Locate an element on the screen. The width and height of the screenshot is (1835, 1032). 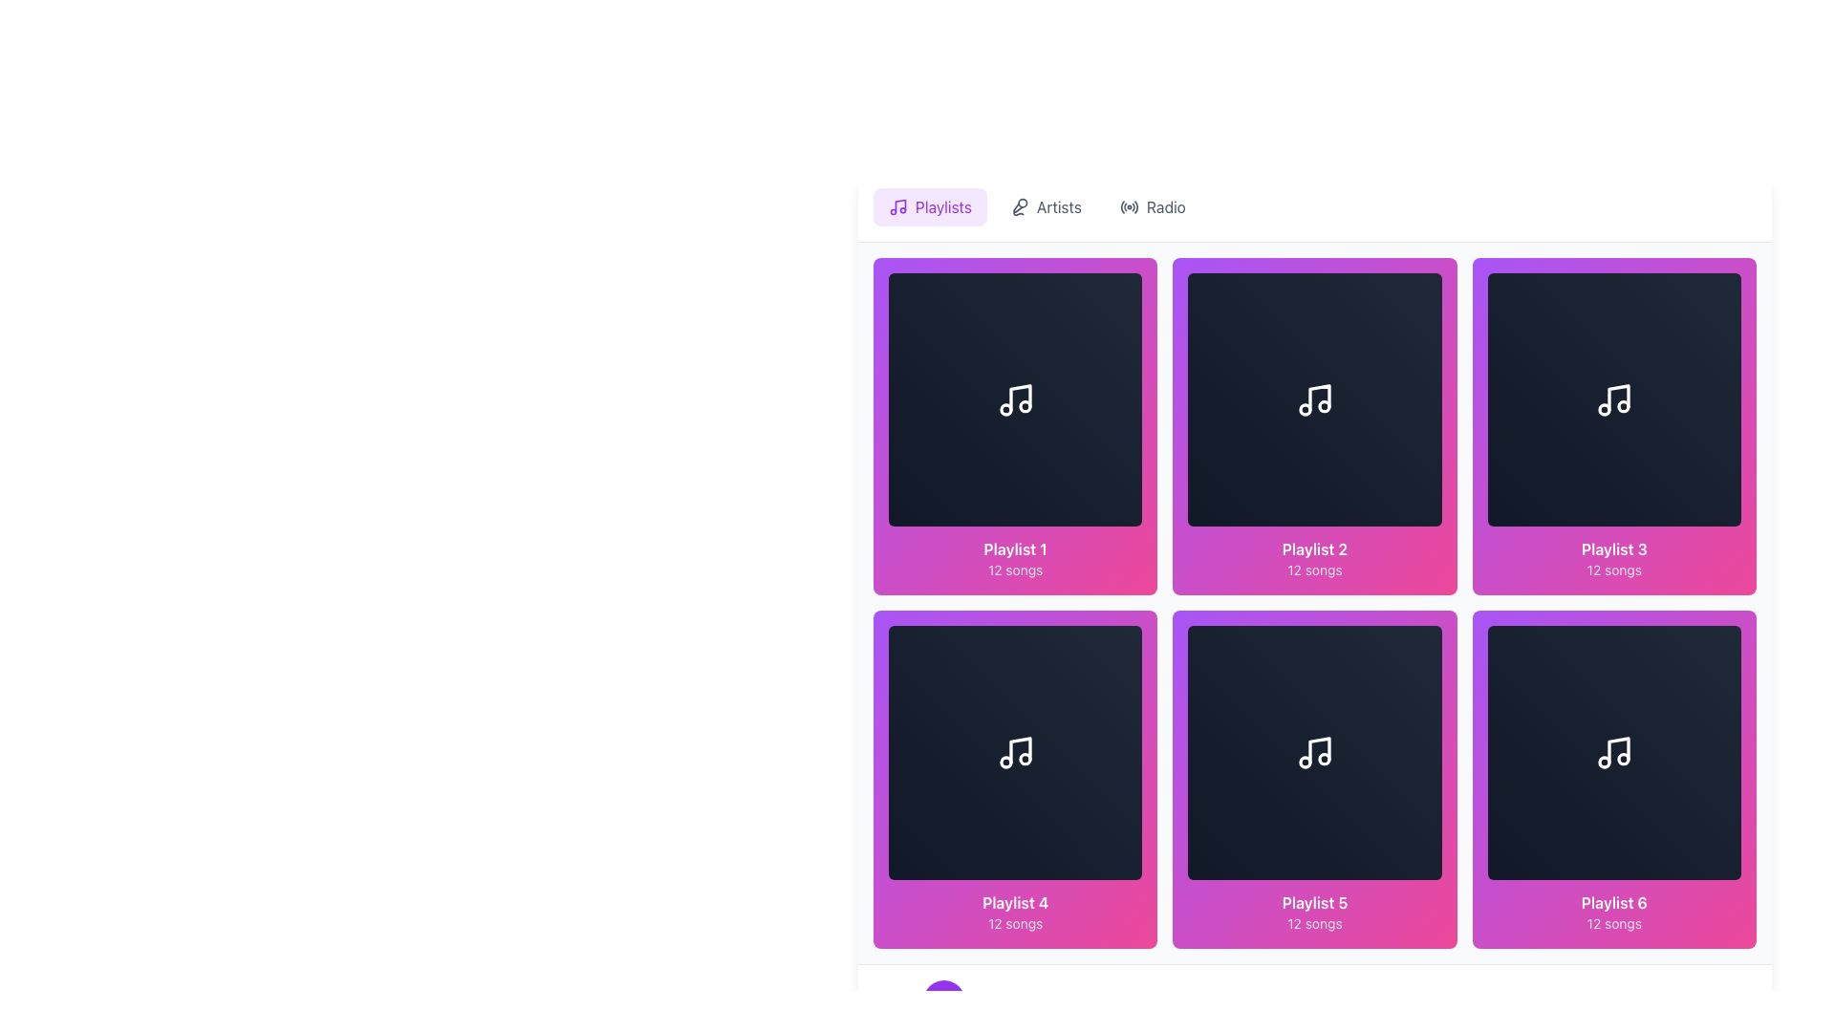
the circular radio wave icon located within the 'Radio' button in the top right navigation bar is located at coordinates (1129, 206).